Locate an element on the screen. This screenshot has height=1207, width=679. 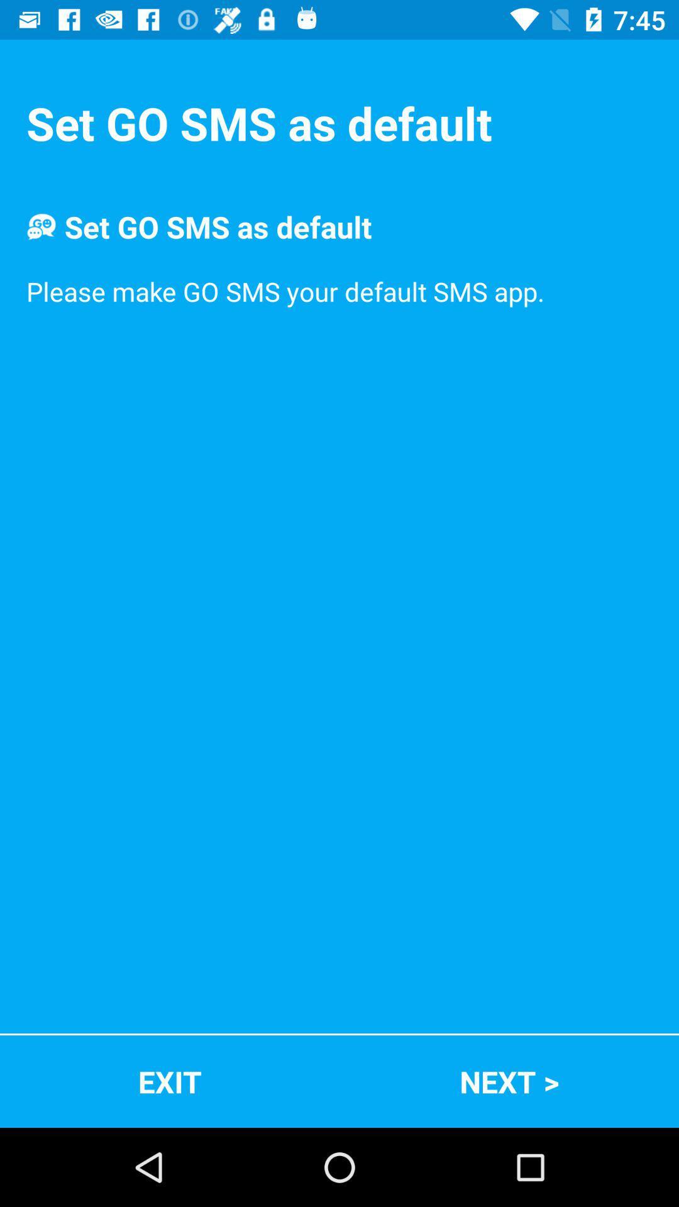
the item to the right of exit icon is located at coordinates (509, 1081).